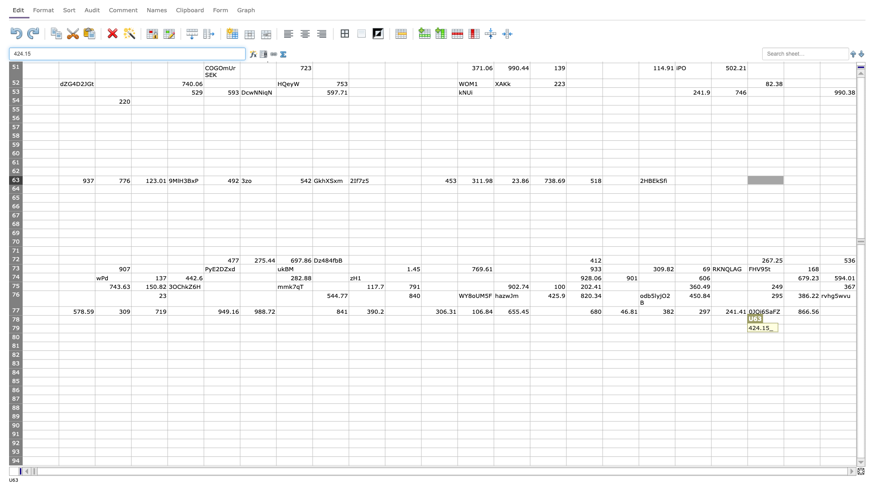 The height and width of the screenshot is (489, 870). I want to click on Northwest corner of cell W79, so click(820, 324).